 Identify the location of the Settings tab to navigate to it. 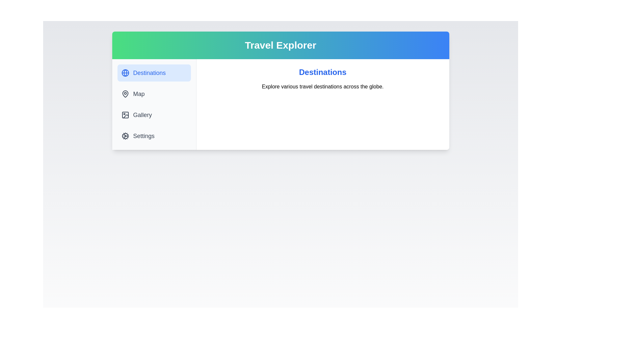
(153, 135).